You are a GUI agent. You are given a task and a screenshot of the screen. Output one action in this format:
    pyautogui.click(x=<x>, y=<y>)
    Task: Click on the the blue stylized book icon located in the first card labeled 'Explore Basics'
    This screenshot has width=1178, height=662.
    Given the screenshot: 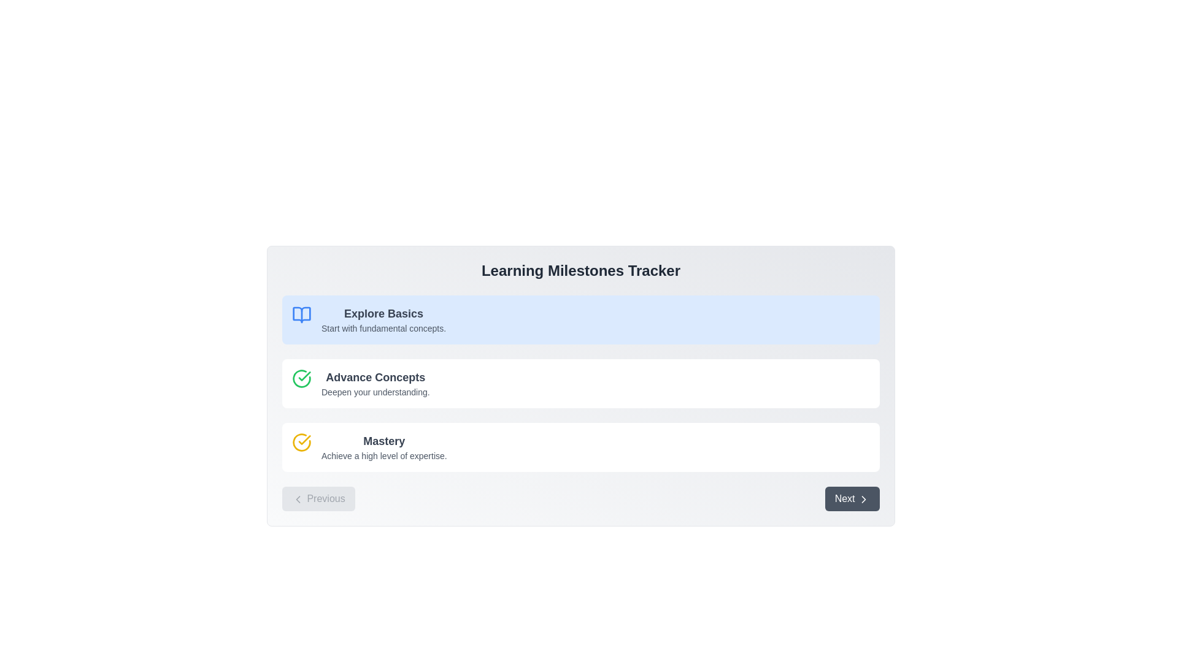 What is the action you would take?
    pyautogui.click(x=301, y=319)
    